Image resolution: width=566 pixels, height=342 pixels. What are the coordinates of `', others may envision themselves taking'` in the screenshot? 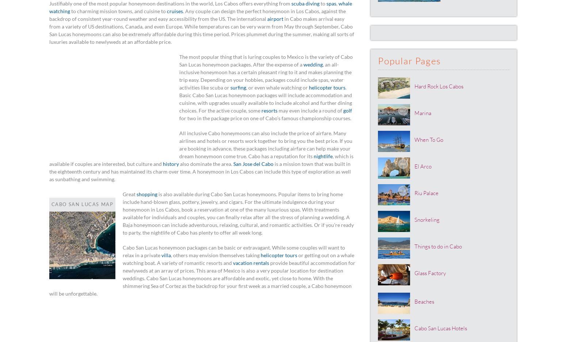 It's located at (216, 255).